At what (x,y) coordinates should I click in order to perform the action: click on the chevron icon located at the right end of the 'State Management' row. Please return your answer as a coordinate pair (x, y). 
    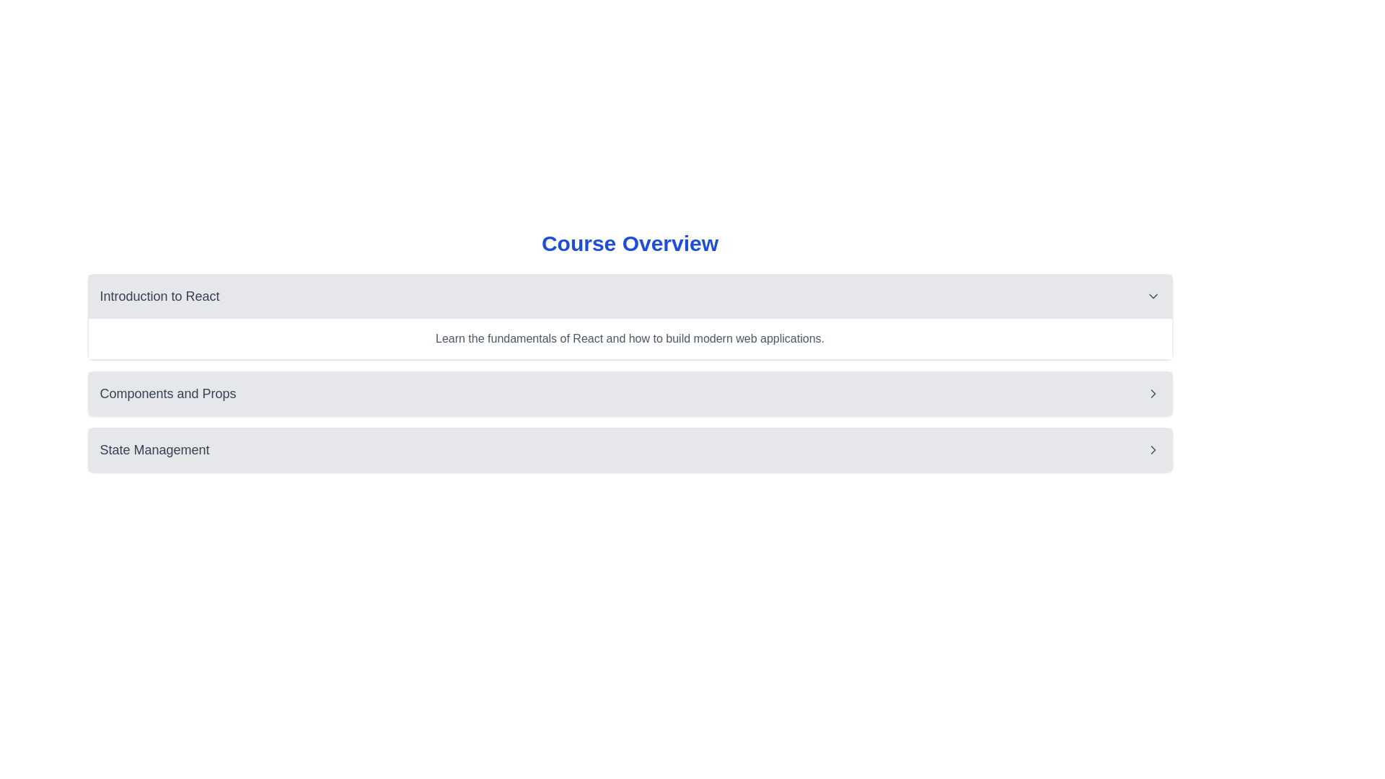
    Looking at the image, I should click on (1152, 449).